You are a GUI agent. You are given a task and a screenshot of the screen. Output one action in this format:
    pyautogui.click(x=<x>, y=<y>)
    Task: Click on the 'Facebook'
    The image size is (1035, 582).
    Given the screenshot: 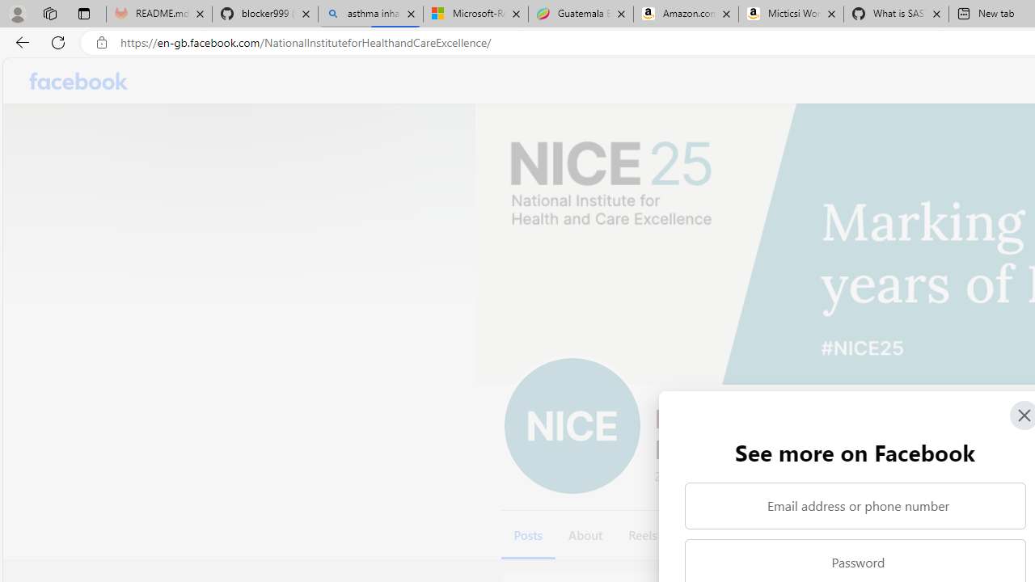 What is the action you would take?
    pyautogui.click(x=78, y=81)
    